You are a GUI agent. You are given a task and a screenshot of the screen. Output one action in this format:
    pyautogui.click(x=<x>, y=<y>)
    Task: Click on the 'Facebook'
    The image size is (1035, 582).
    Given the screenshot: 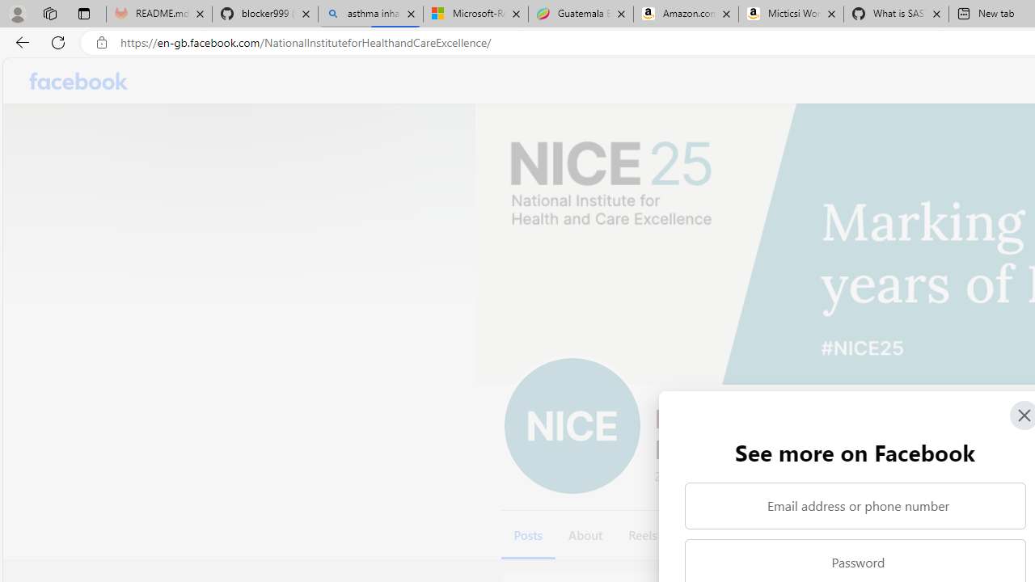 What is the action you would take?
    pyautogui.click(x=78, y=81)
    